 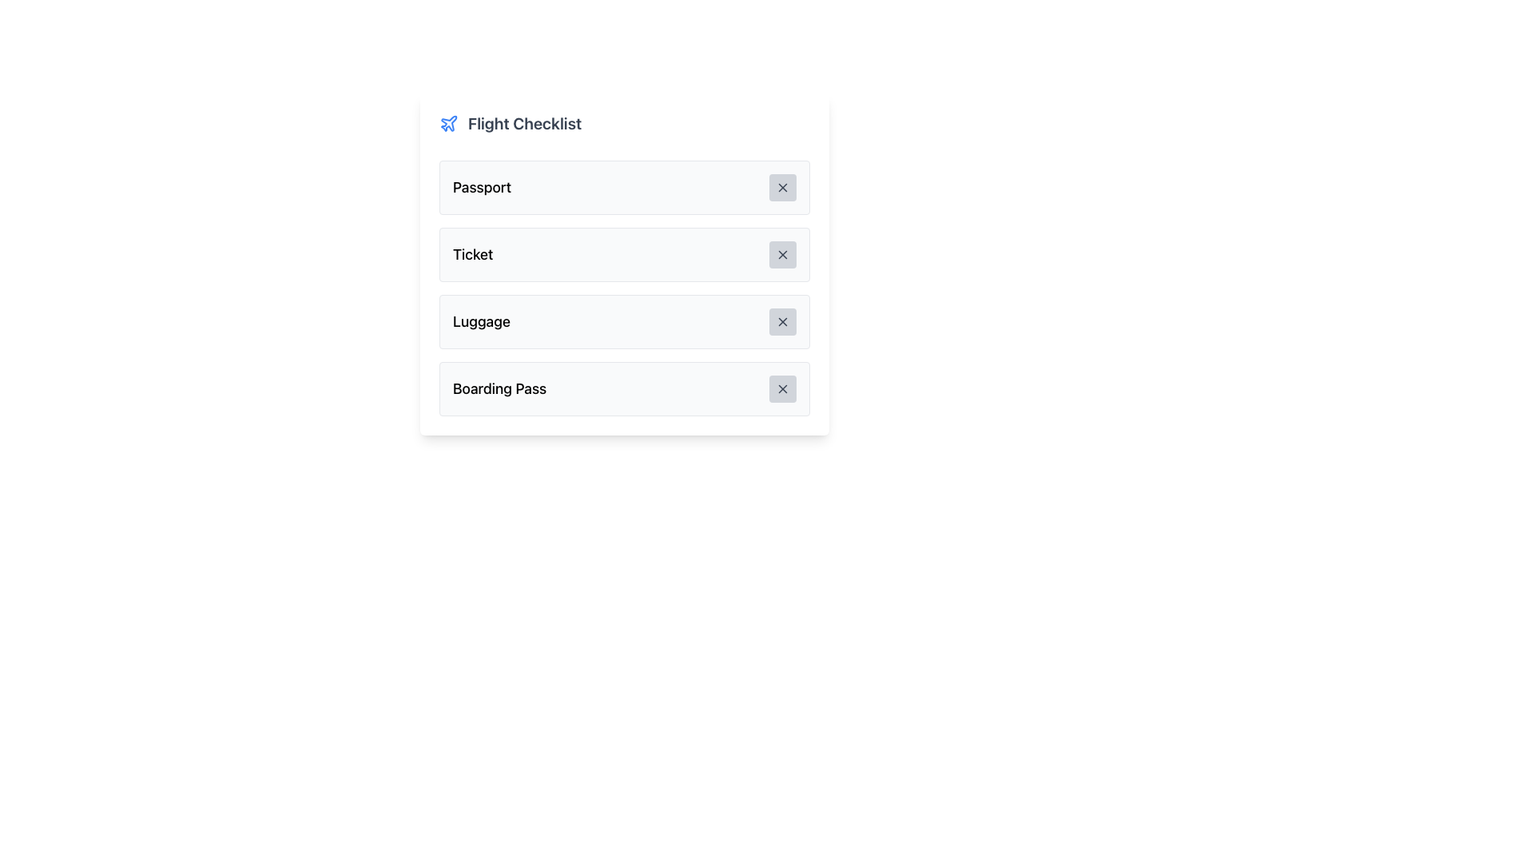 What do you see at coordinates (782, 321) in the screenshot?
I see `the 'X' shaped icon button located on the right side of the third list item labeled 'Luggage'` at bounding box center [782, 321].